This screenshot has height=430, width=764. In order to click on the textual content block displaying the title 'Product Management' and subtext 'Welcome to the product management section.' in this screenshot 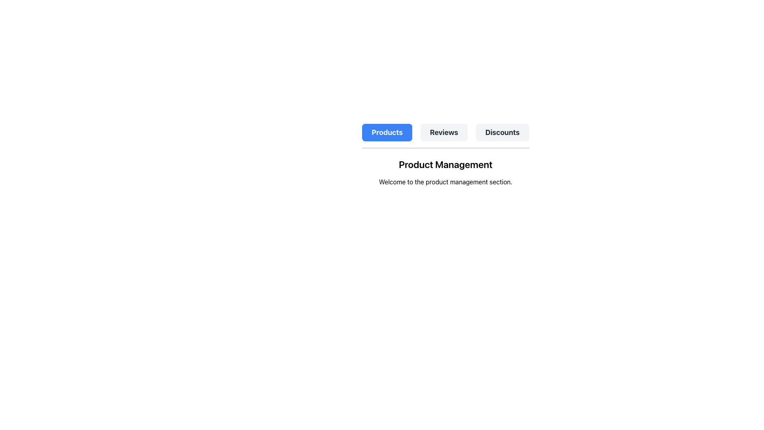, I will do `click(445, 172)`.